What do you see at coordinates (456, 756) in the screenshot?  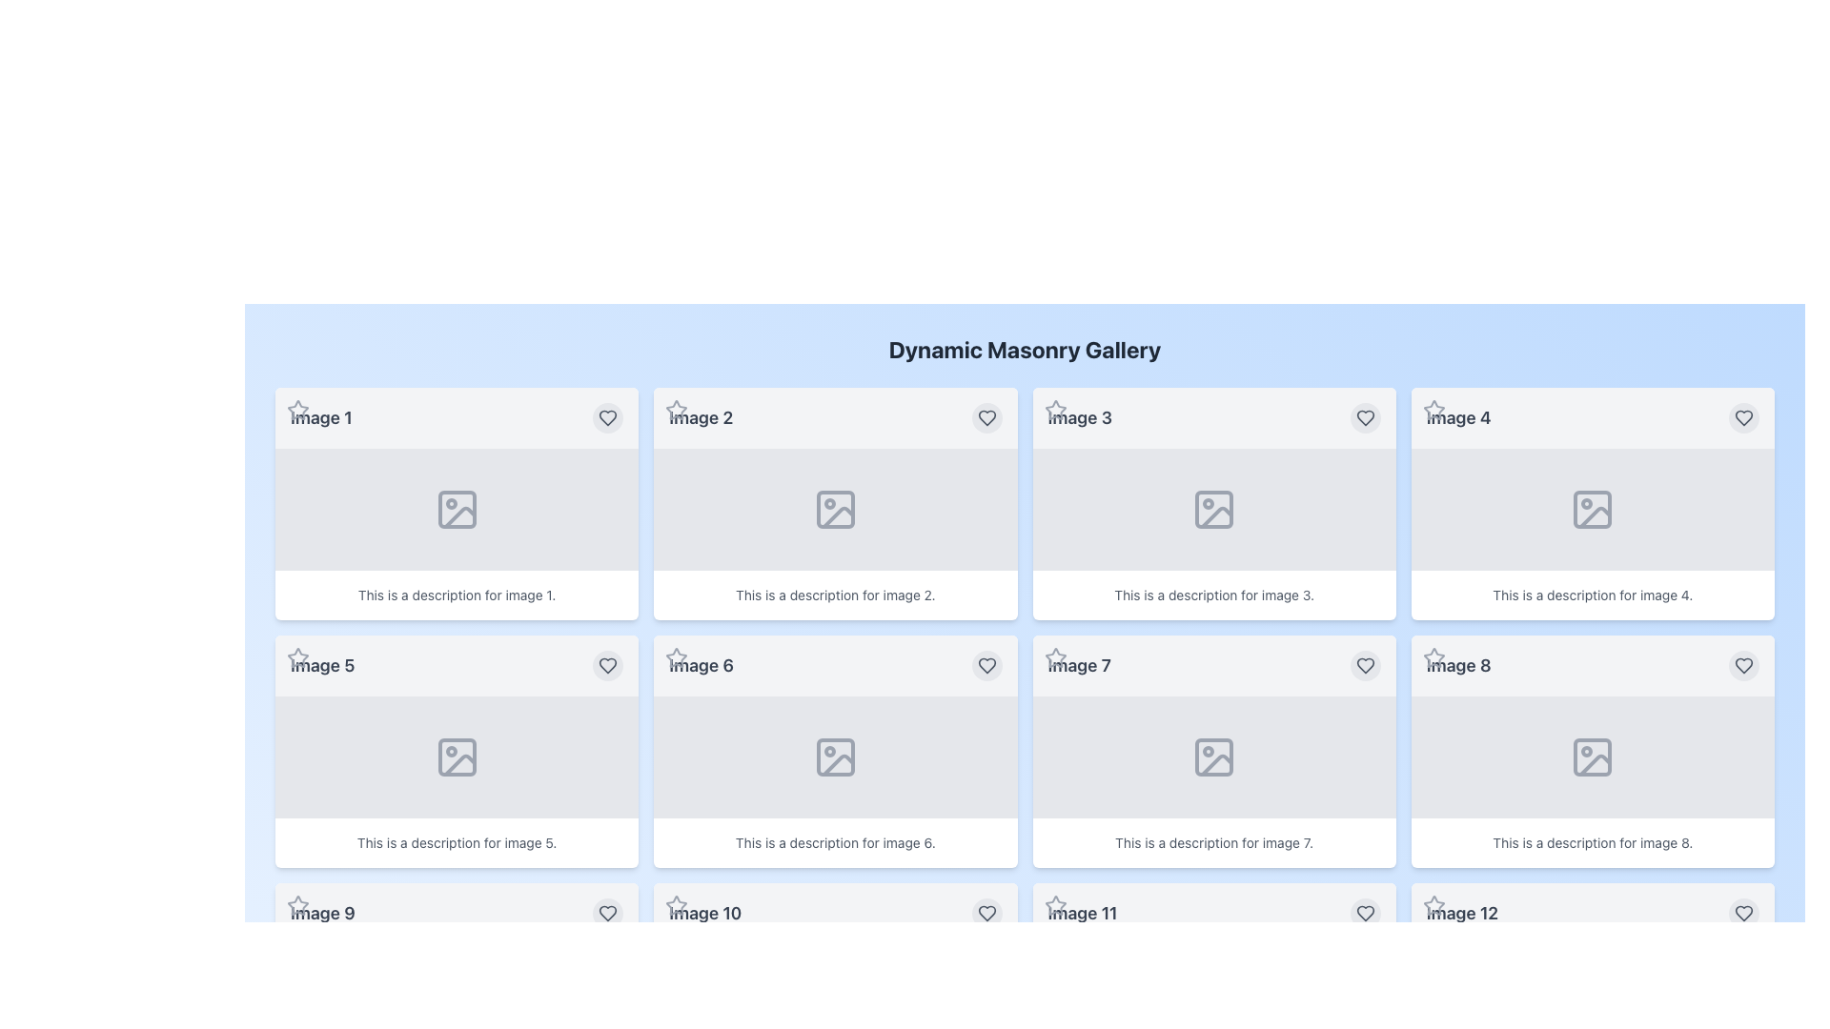 I see `the image placeholder icon located at the center of the card titled 'Image 5' in the second row, first column of the dynamic masonry gallery layout` at bounding box center [456, 756].